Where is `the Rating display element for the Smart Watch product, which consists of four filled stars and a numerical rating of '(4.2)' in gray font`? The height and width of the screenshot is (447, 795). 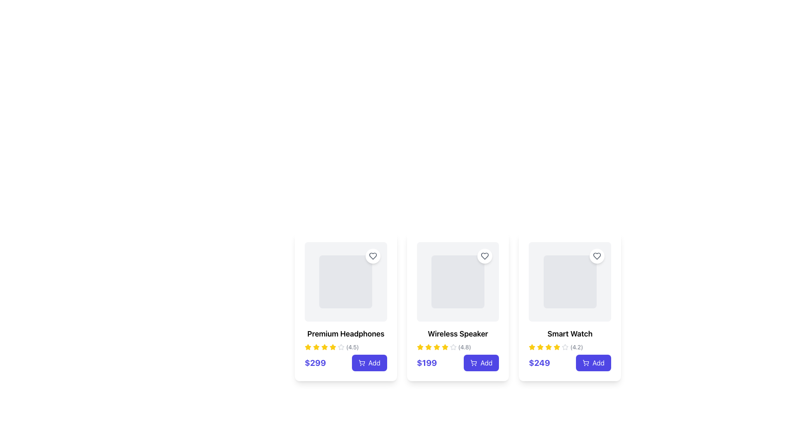 the Rating display element for the Smart Watch product, which consists of four filled stars and a numerical rating of '(4.2)' in gray font is located at coordinates (569, 347).